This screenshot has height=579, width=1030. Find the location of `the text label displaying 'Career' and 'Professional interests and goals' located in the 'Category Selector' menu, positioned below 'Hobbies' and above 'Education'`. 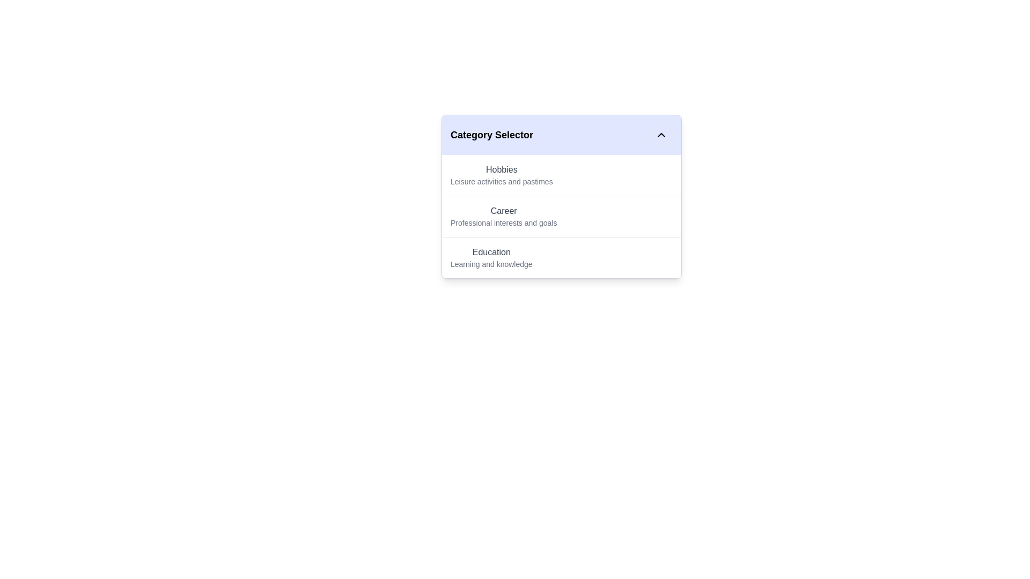

the text label displaying 'Career' and 'Professional interests and goals' located in the 'Category Selector' menu, positioned below 'Hobbies' and above 'Education' is located at coordinates (503, 217).